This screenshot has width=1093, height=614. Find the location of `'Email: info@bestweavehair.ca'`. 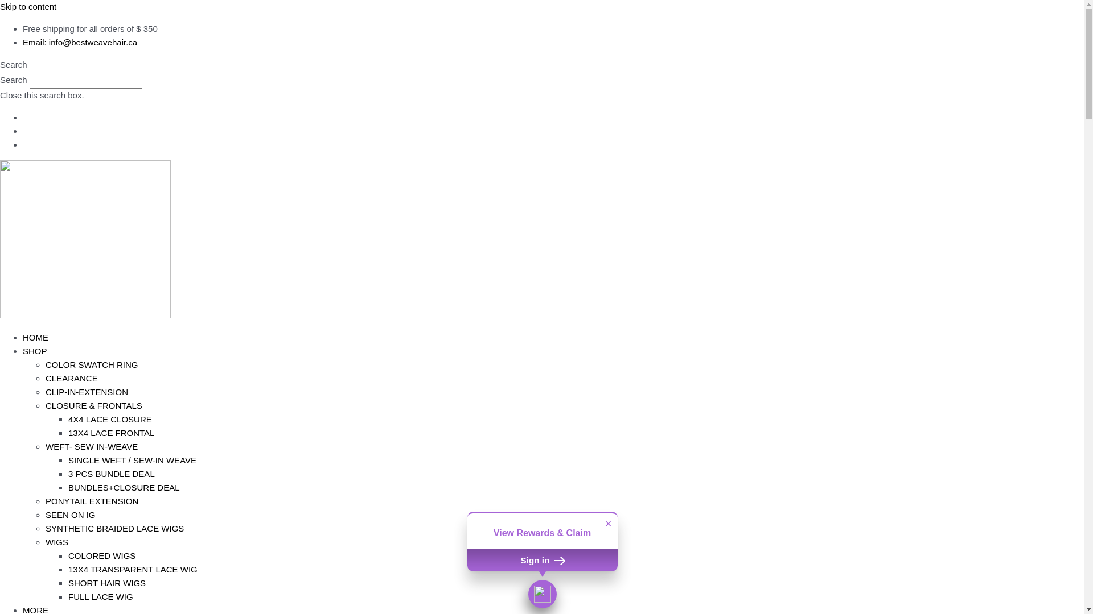

'Email: info@bestweavehair.ca' is located at coordinates (79, 42).